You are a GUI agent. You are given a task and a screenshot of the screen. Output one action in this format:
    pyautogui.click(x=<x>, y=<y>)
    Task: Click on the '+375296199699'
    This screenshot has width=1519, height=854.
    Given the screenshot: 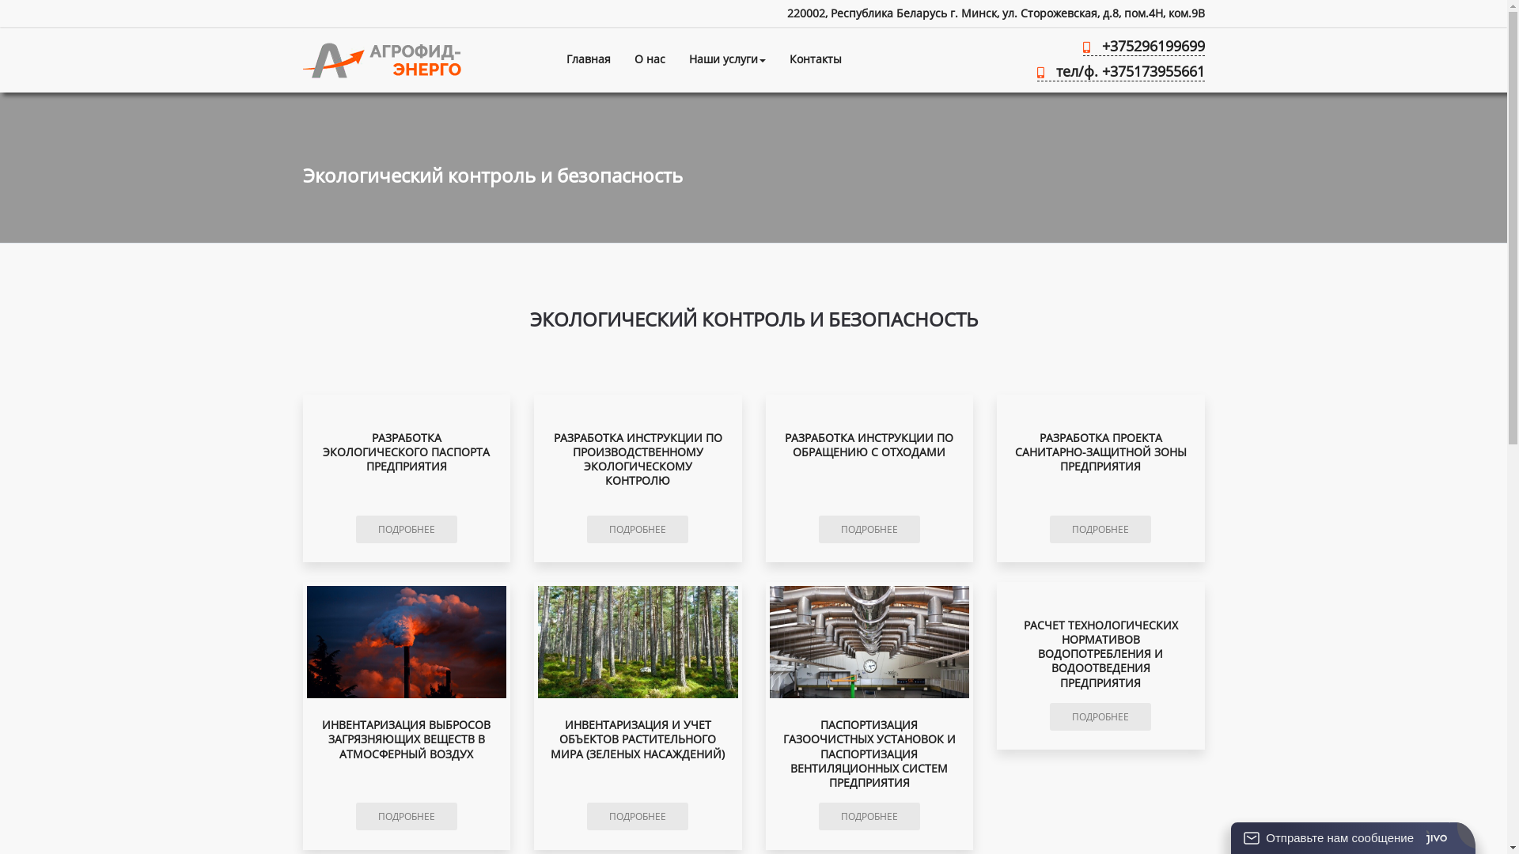 What is the action you would take?
    pyautogui.click(x=1142, y=47)
    